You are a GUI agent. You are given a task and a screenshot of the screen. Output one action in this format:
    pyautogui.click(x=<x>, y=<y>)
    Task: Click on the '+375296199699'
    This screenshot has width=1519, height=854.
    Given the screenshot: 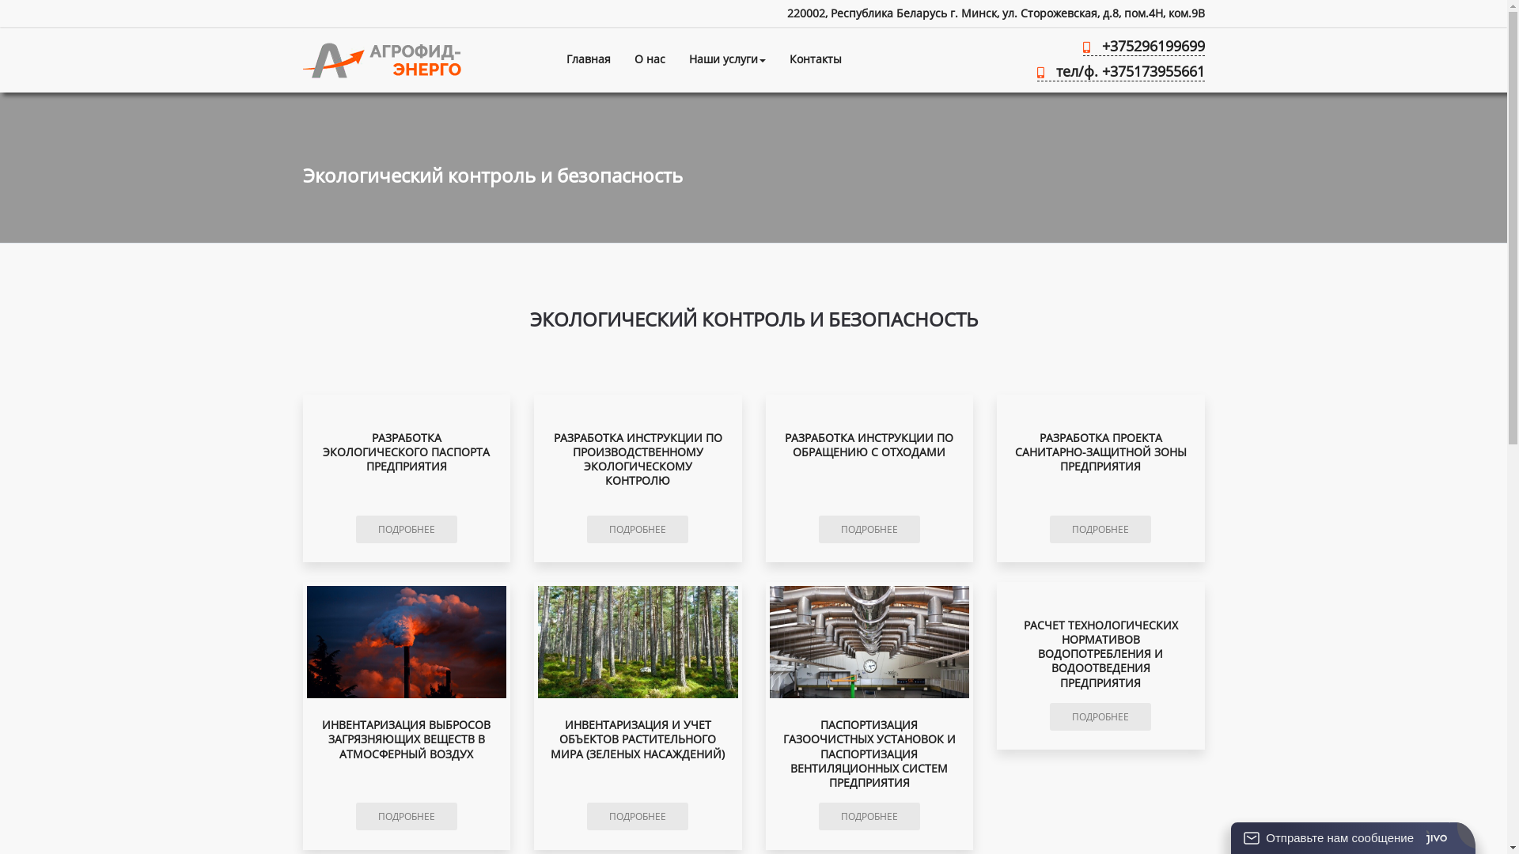 What is the action you would take?
    pyautogui.click(x=1142, y=47)
    